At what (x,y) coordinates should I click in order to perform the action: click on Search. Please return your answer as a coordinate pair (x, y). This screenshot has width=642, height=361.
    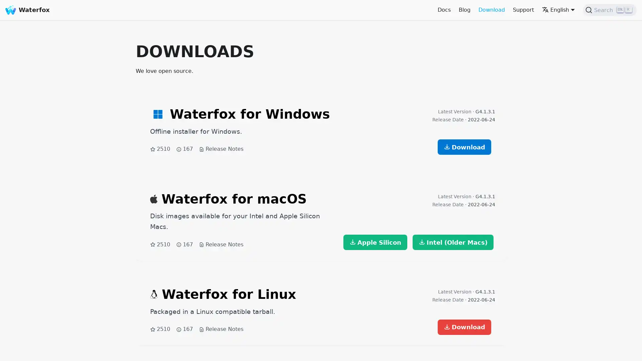
    Looking at the image, I should click on (610, 10).